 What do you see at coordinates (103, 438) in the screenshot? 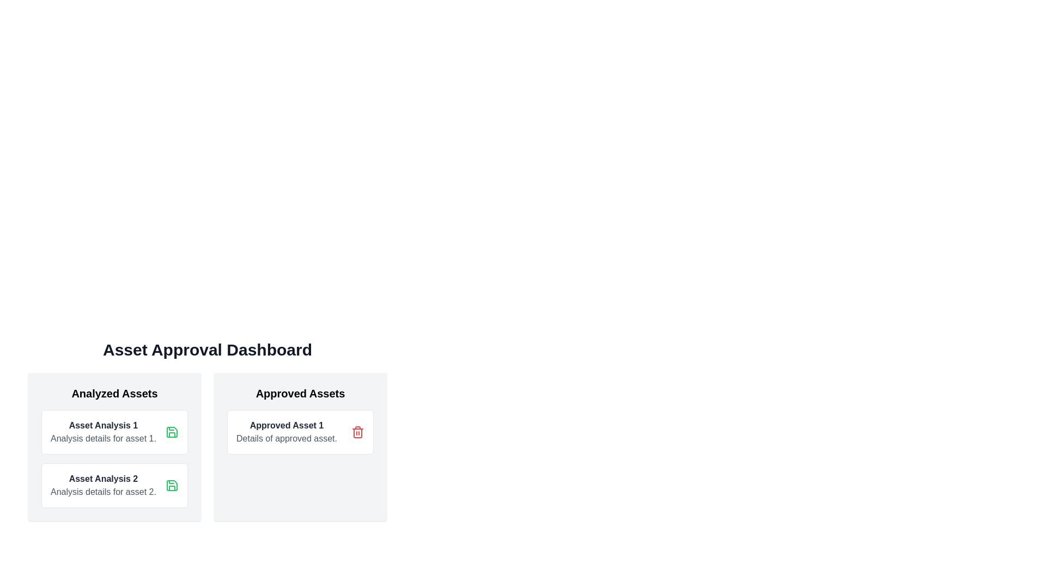
I see `the text label that reads 'Analysis details for asset 1', styled in gray, located under the bold heading 'Asset Analysis 1' in the 'Analyzed Assets' section` at bounding box center [103, 438].